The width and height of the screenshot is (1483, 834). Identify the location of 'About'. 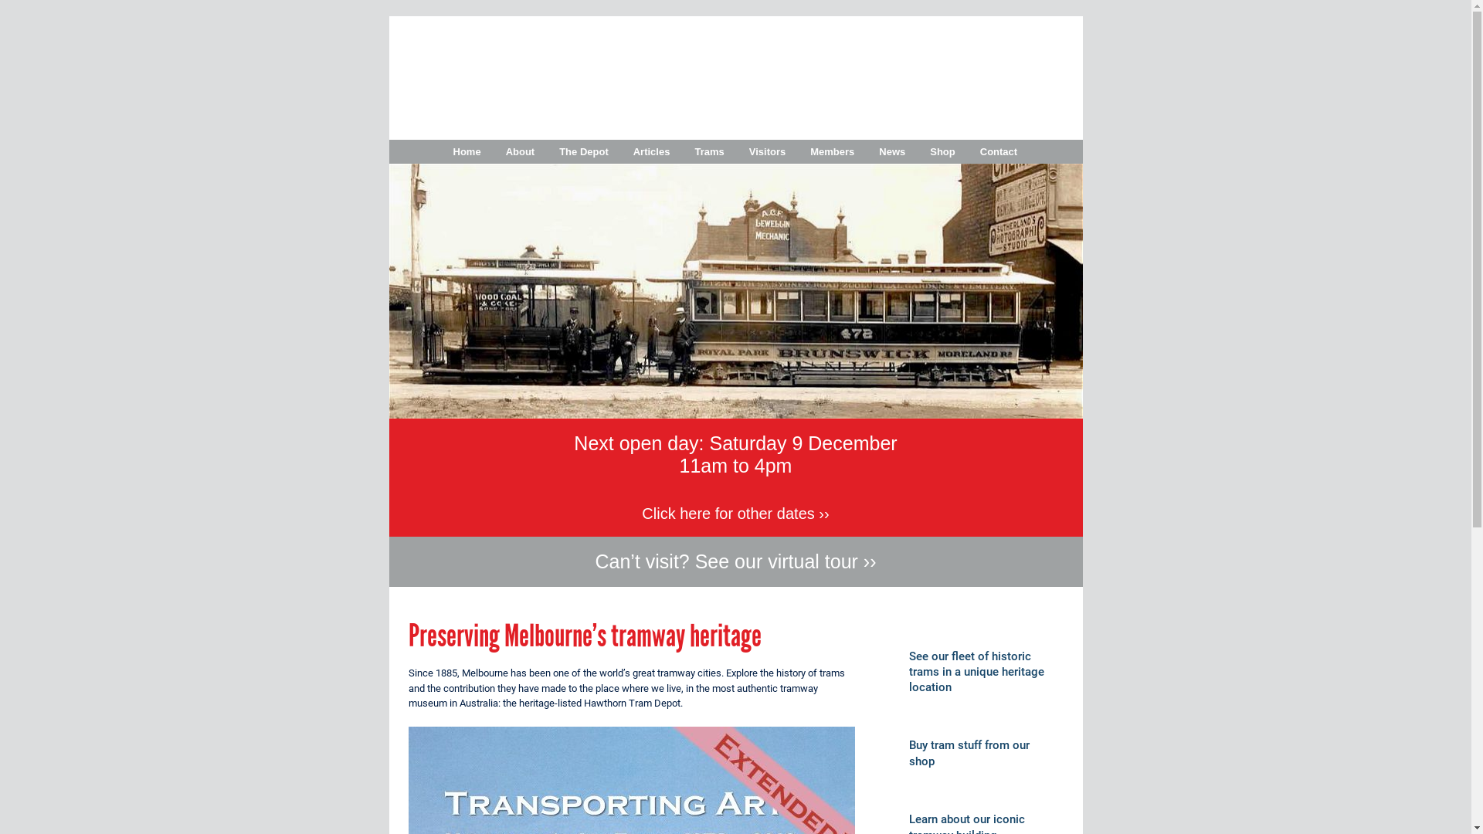
(520, 151).